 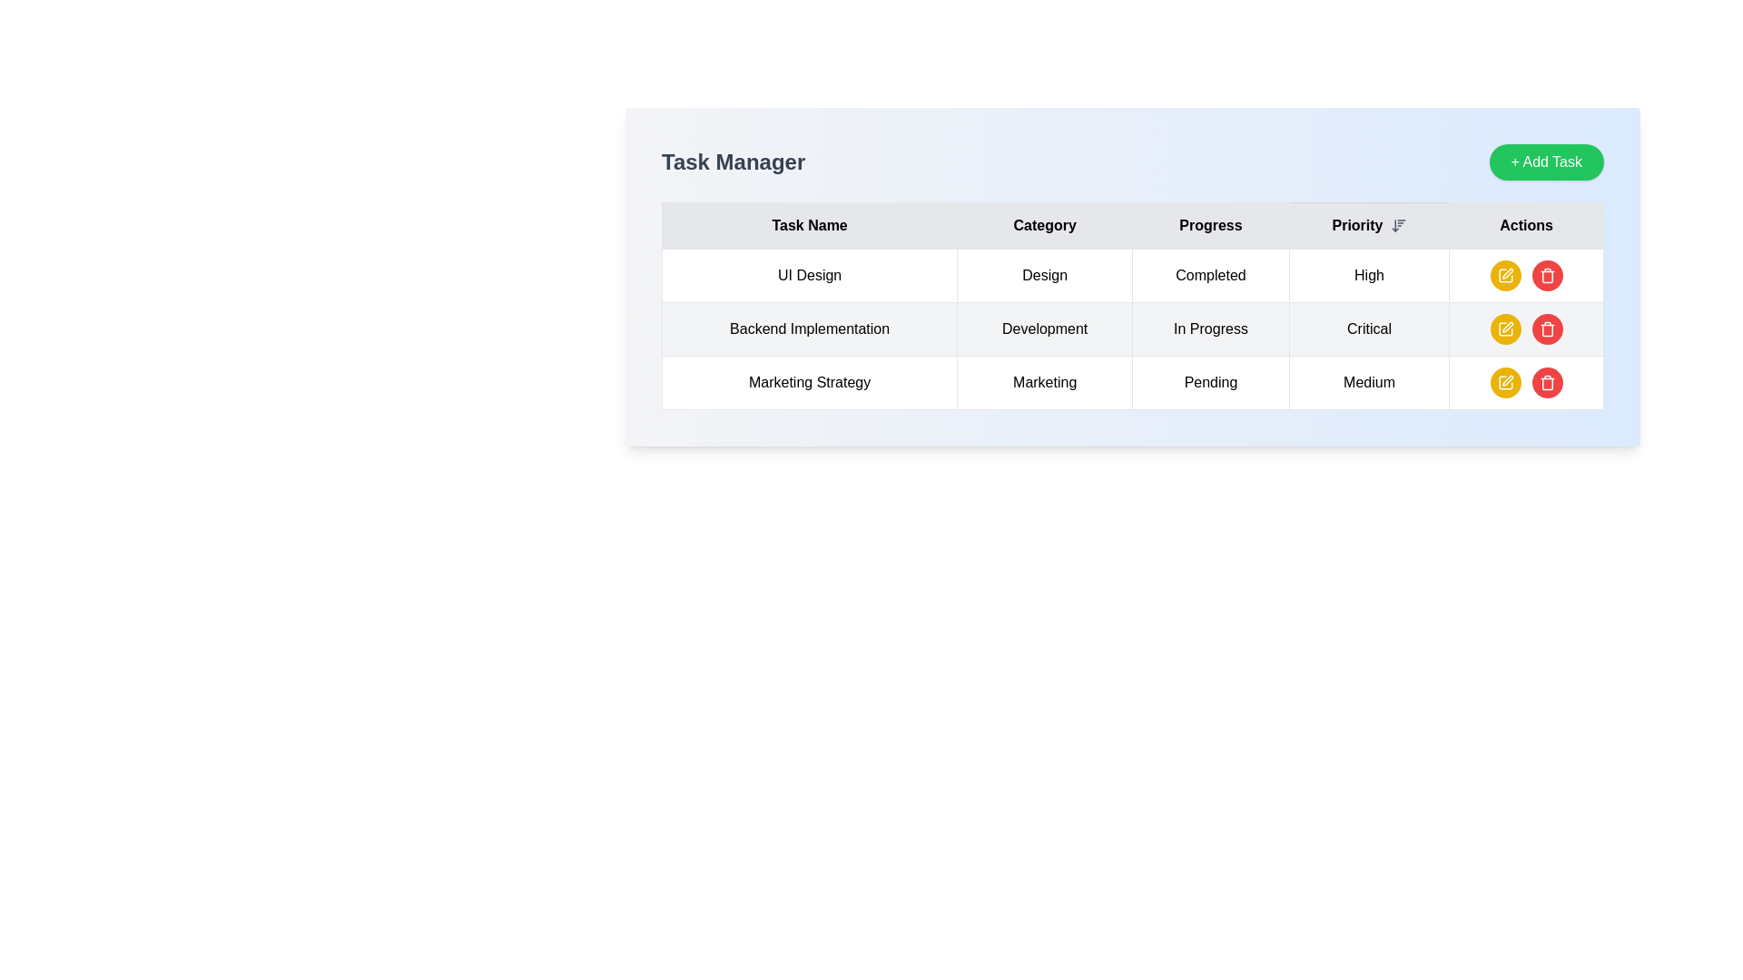 What do you see at coordinates (809, 276) in the screenshot?
I see `the 'UI Design' text label located in the first row under the 'Task Name' column of the task management table` at bounding box center [809, 276].